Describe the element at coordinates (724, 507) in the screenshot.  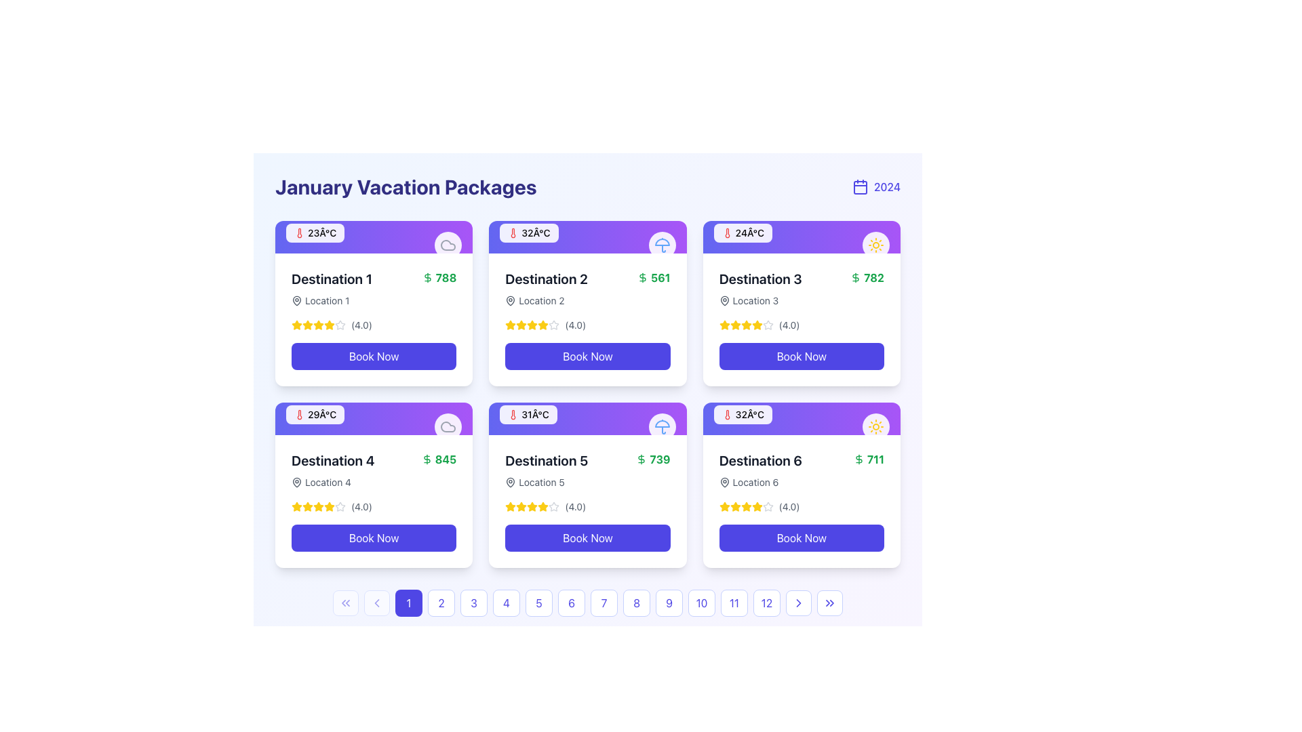
I see `the first yellow star icon in the 'Destination 6' card located in the bottom-right corner of the interface` at that location.